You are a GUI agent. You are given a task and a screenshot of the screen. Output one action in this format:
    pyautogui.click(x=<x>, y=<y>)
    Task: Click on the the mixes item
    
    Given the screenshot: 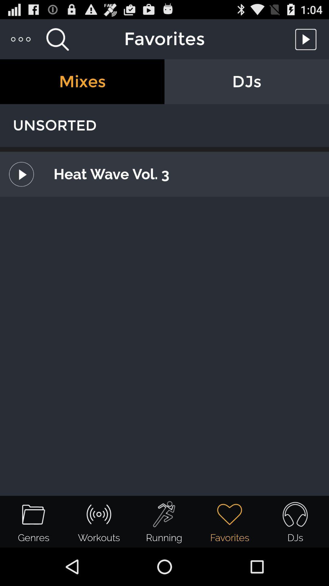 What is the action you would take?
    pyautogui.click(x=82, y=81)
    